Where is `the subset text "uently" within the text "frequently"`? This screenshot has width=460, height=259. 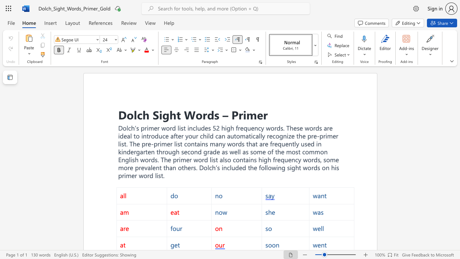
the subset text "uently" within the text "frequently" is located at coordinates (281, 144).